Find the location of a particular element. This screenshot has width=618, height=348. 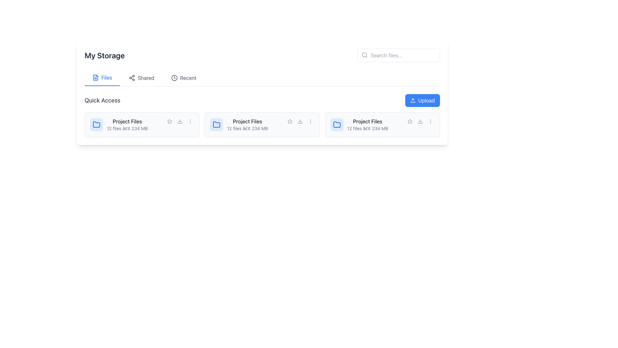

the Text label displaying the name and metadata of the specific folder in the 'Quick Access' section, which is the first of three 'Project Files' entries is located at coordinates (127, 124).